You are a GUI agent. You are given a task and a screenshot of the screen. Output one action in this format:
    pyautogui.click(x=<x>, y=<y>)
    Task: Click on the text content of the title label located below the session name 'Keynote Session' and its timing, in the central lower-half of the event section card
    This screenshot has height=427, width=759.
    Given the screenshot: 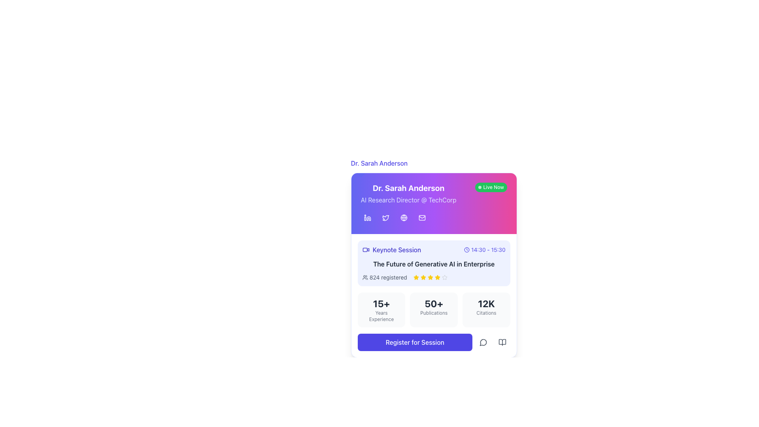 What is the action you would take?
    pyautogui.click(x=433, y=264)
    